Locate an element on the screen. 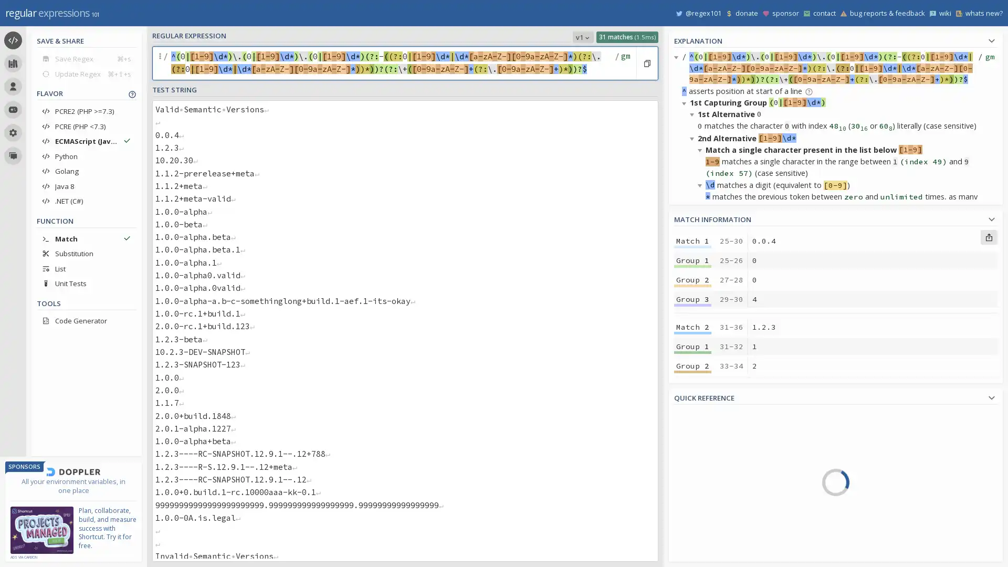  Python is located at coordinates (86, 156).